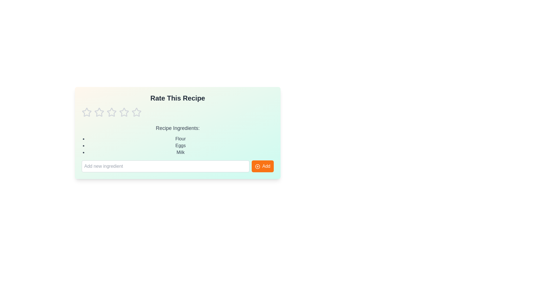 Image resolution: width=543 pixels, height=305 pixels. What do you see at coordinates (180, 145) in the screenshot?
I see `the ingredient Eggs in the list` at bounding box center [180, 145].